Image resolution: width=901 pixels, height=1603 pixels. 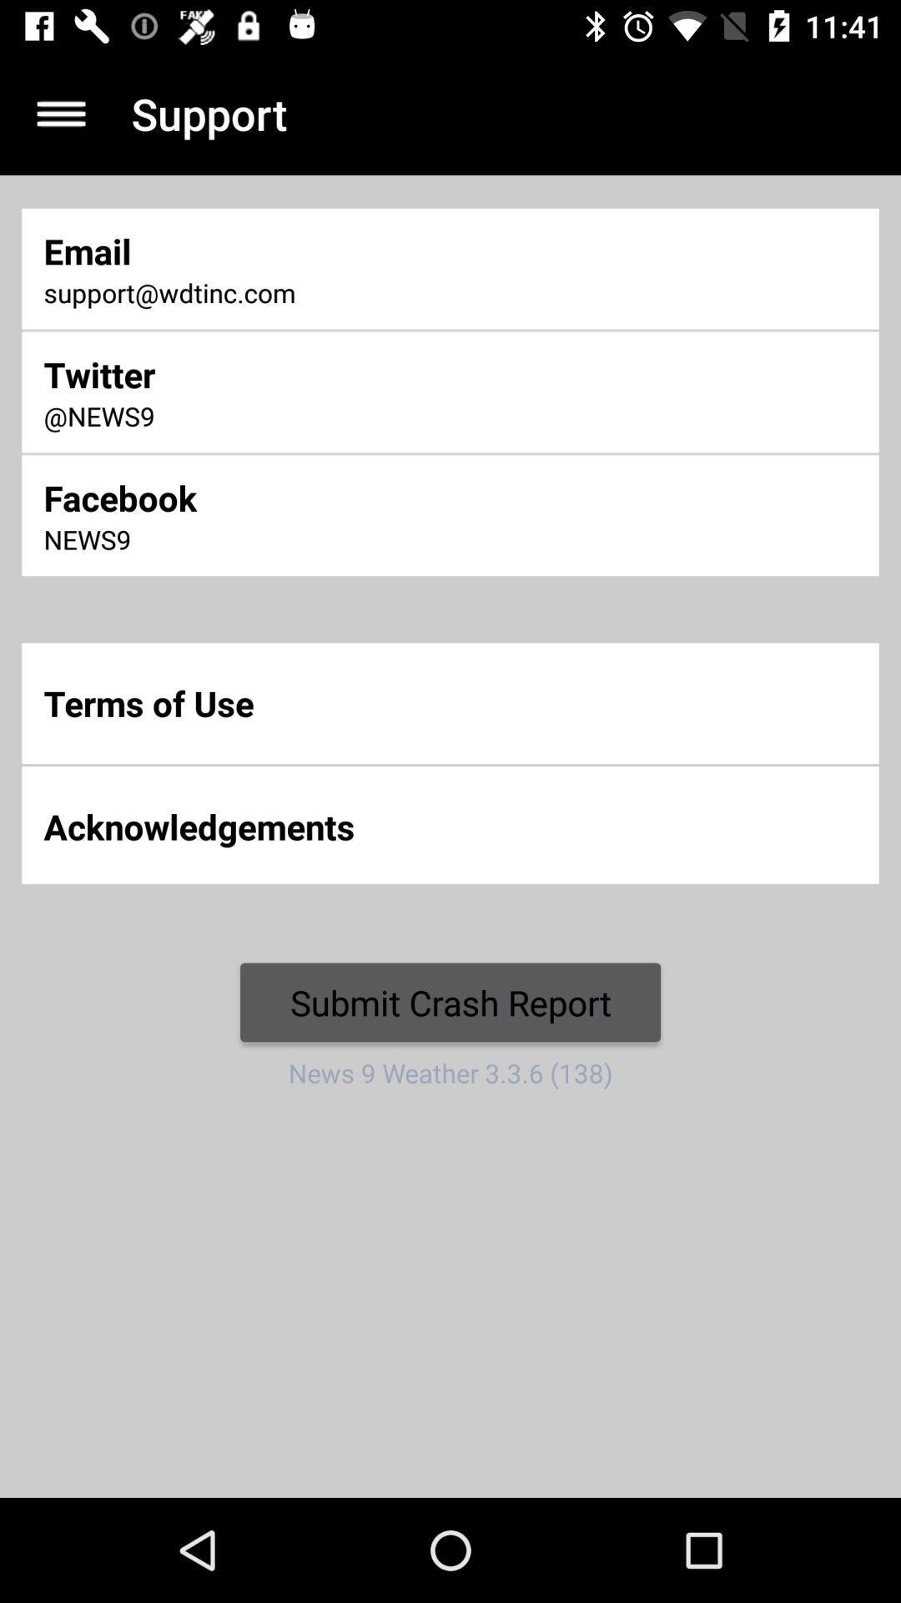 I want to click on the icon above news 9 weather, so click(x=450, y=1002).